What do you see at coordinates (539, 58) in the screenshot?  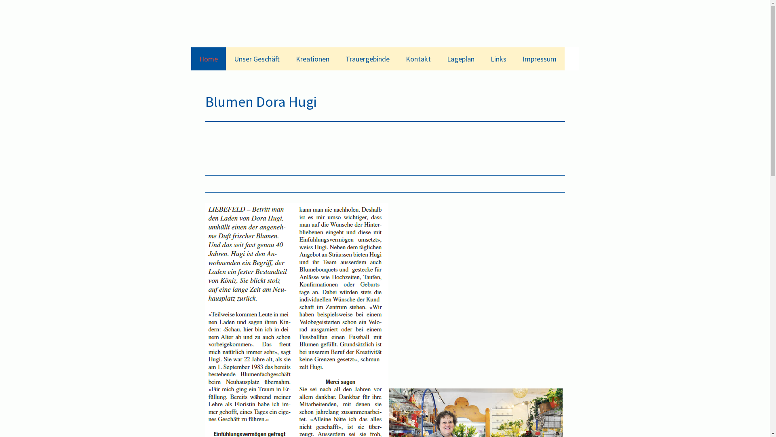 I see `'Impressum'` at bounding box center [539, 58].